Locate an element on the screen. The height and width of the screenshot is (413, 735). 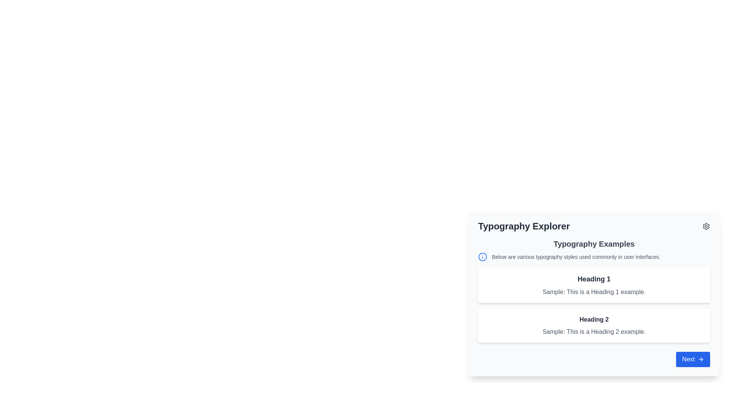
the right-pointing arrow icon located at the bottom-right corner of the 'Typography Explorer' card interface, adjacent to the 'Next' button text is located at coordinates (702, 359).